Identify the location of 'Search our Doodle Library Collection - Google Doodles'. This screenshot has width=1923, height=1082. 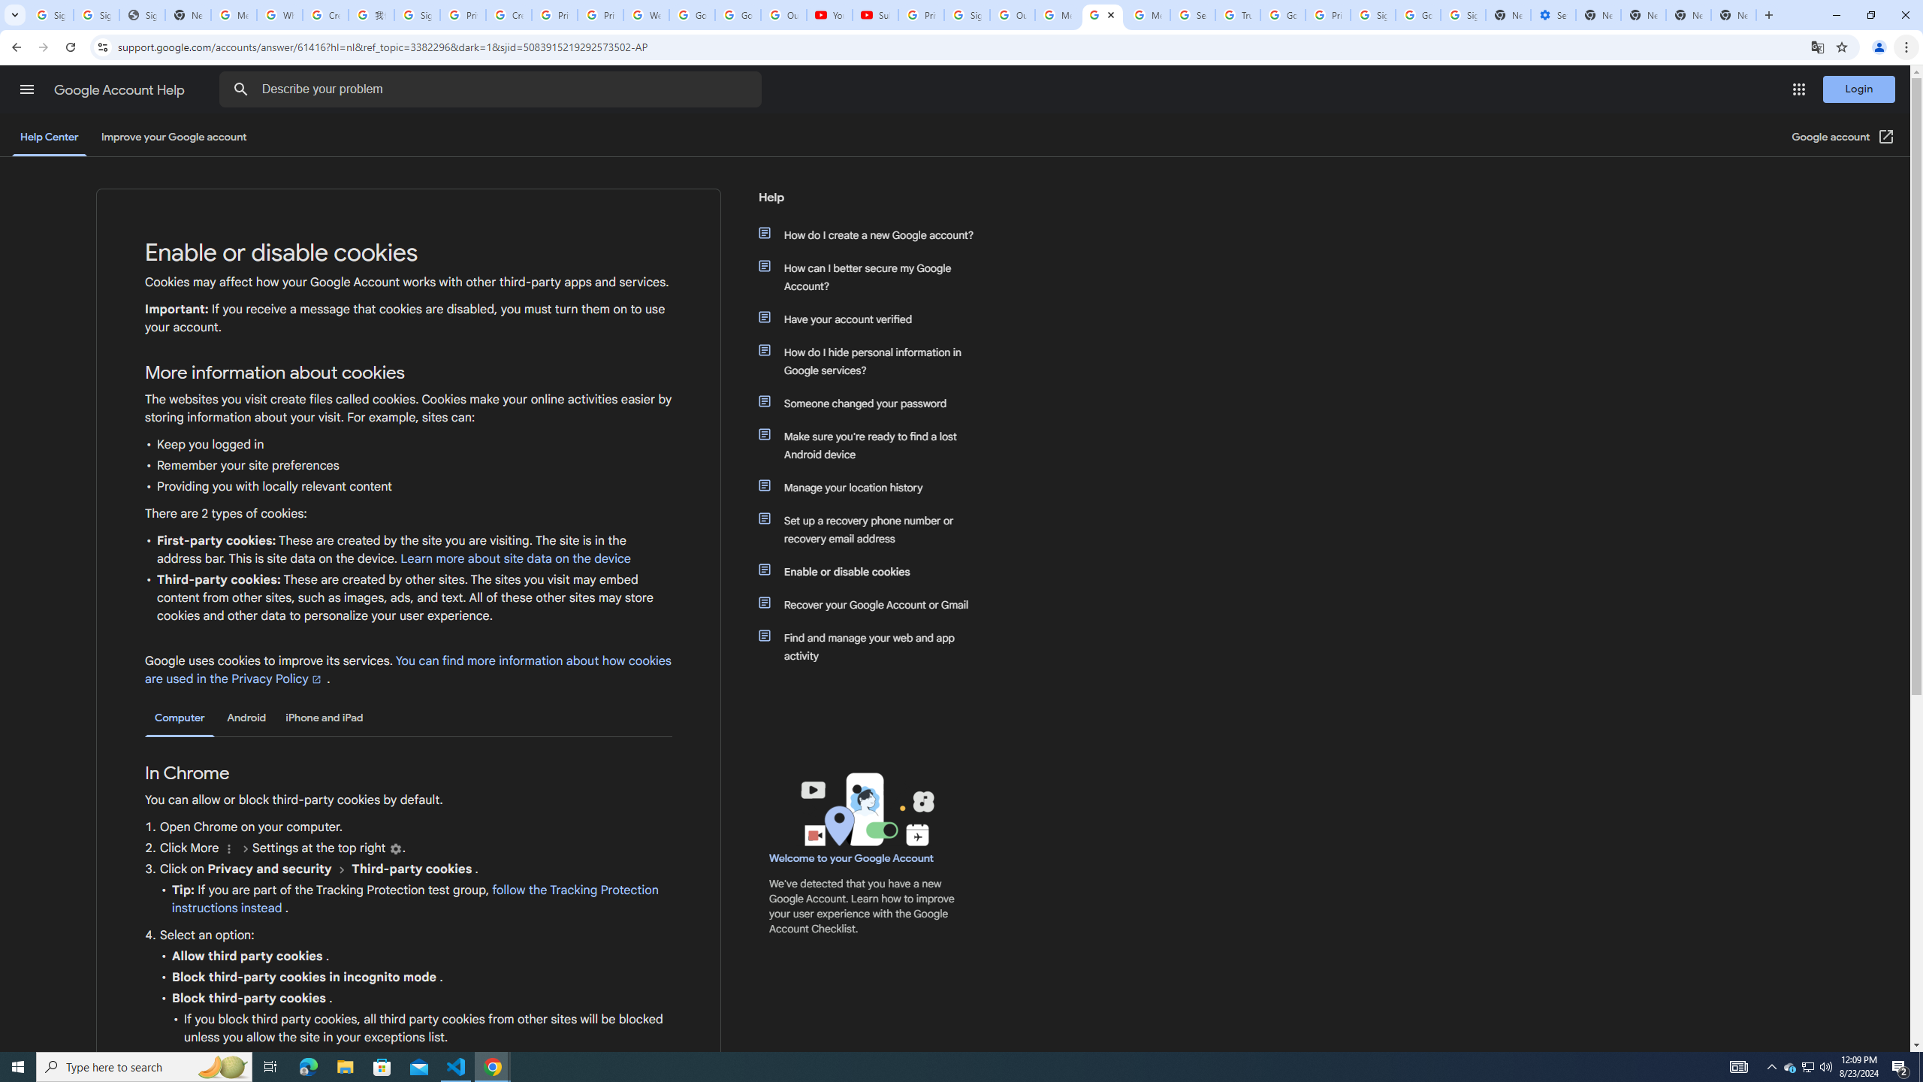
(1192, 14).